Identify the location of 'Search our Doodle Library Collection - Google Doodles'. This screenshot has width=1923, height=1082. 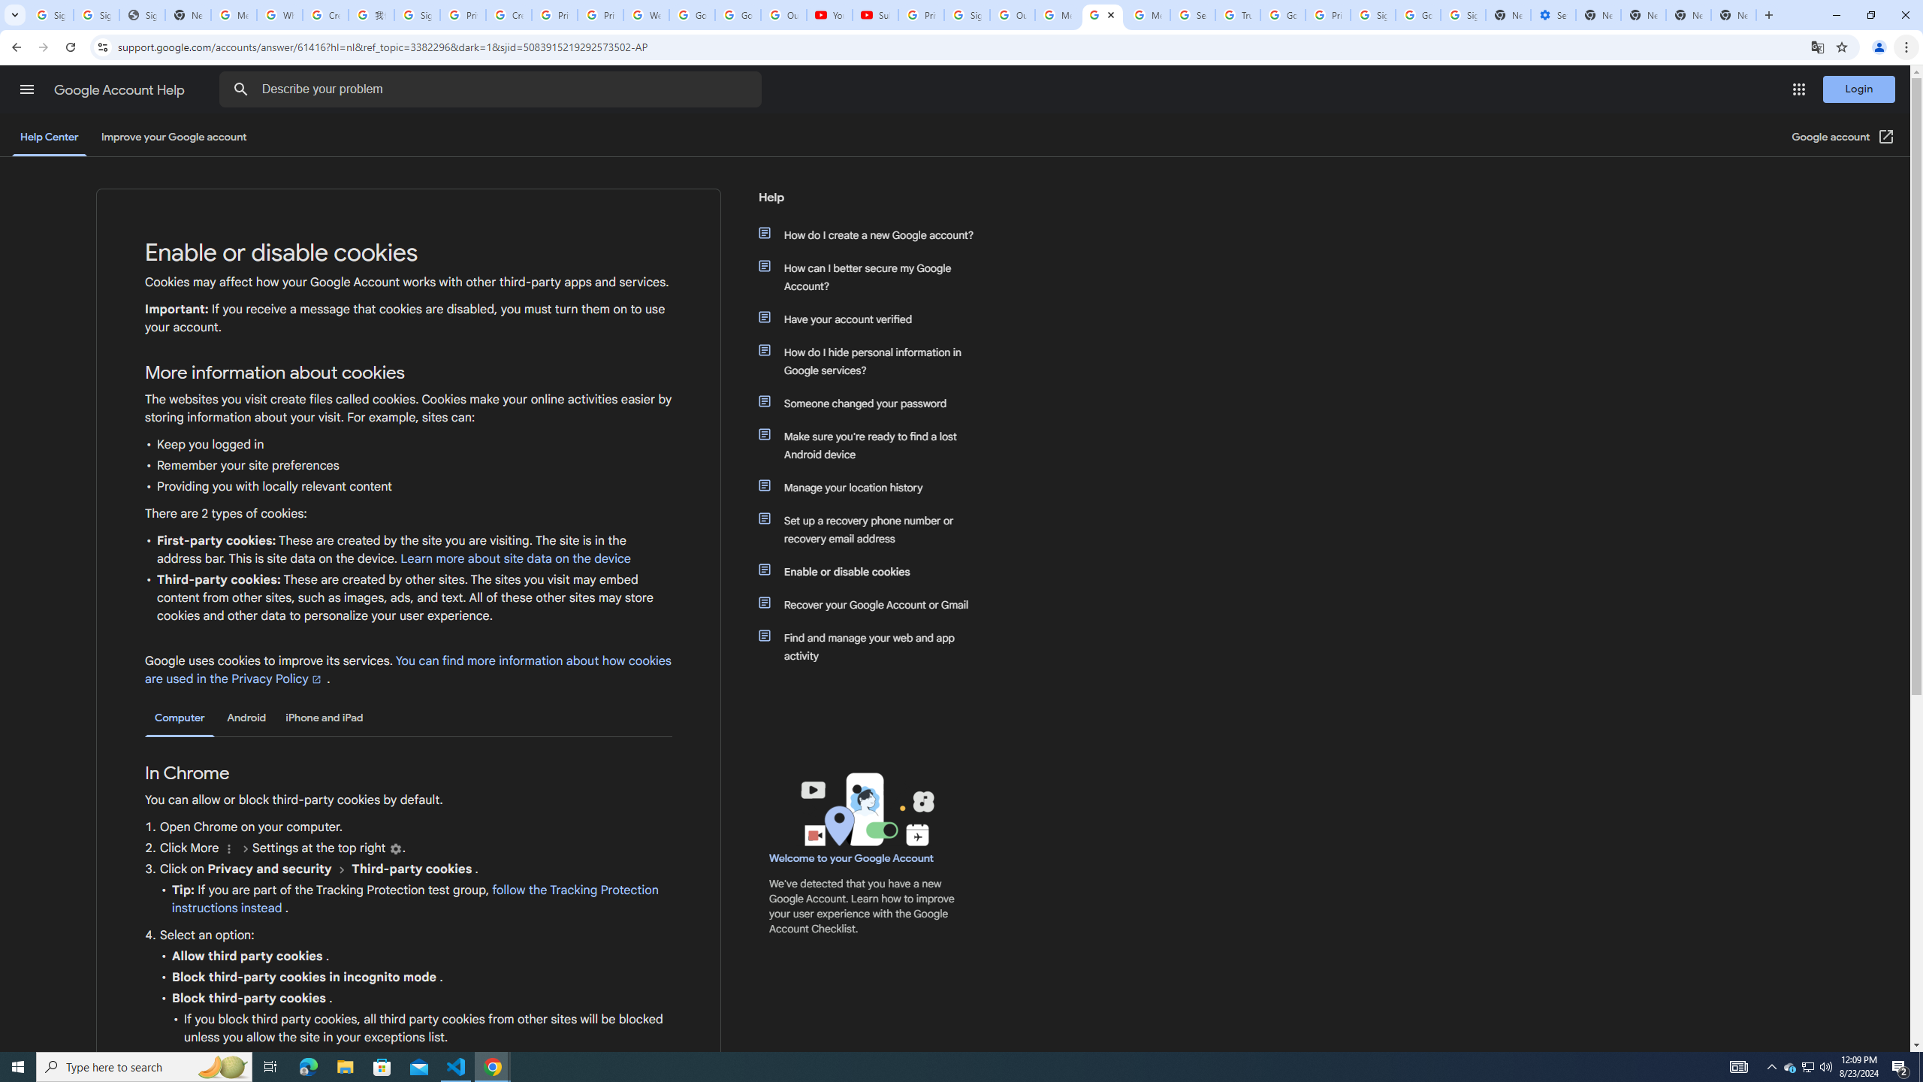
(1192, 14).